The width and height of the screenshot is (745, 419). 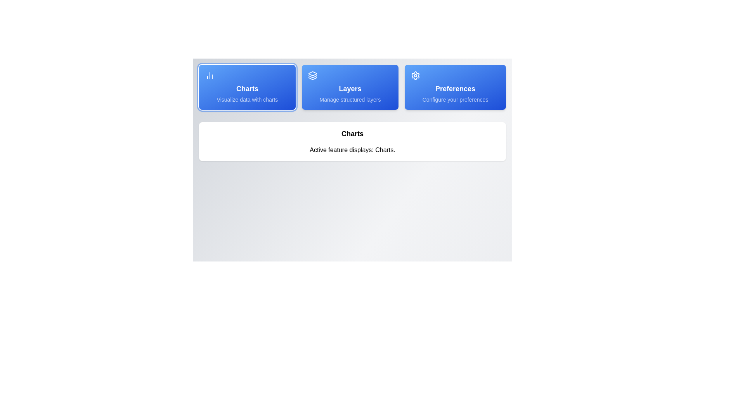 I want to click on style or text properties of the 'Charts' text label, which is displayed in a bold, large font on a blue background within a button-like structure in the horizontal menu, so click(x=247, y=88).